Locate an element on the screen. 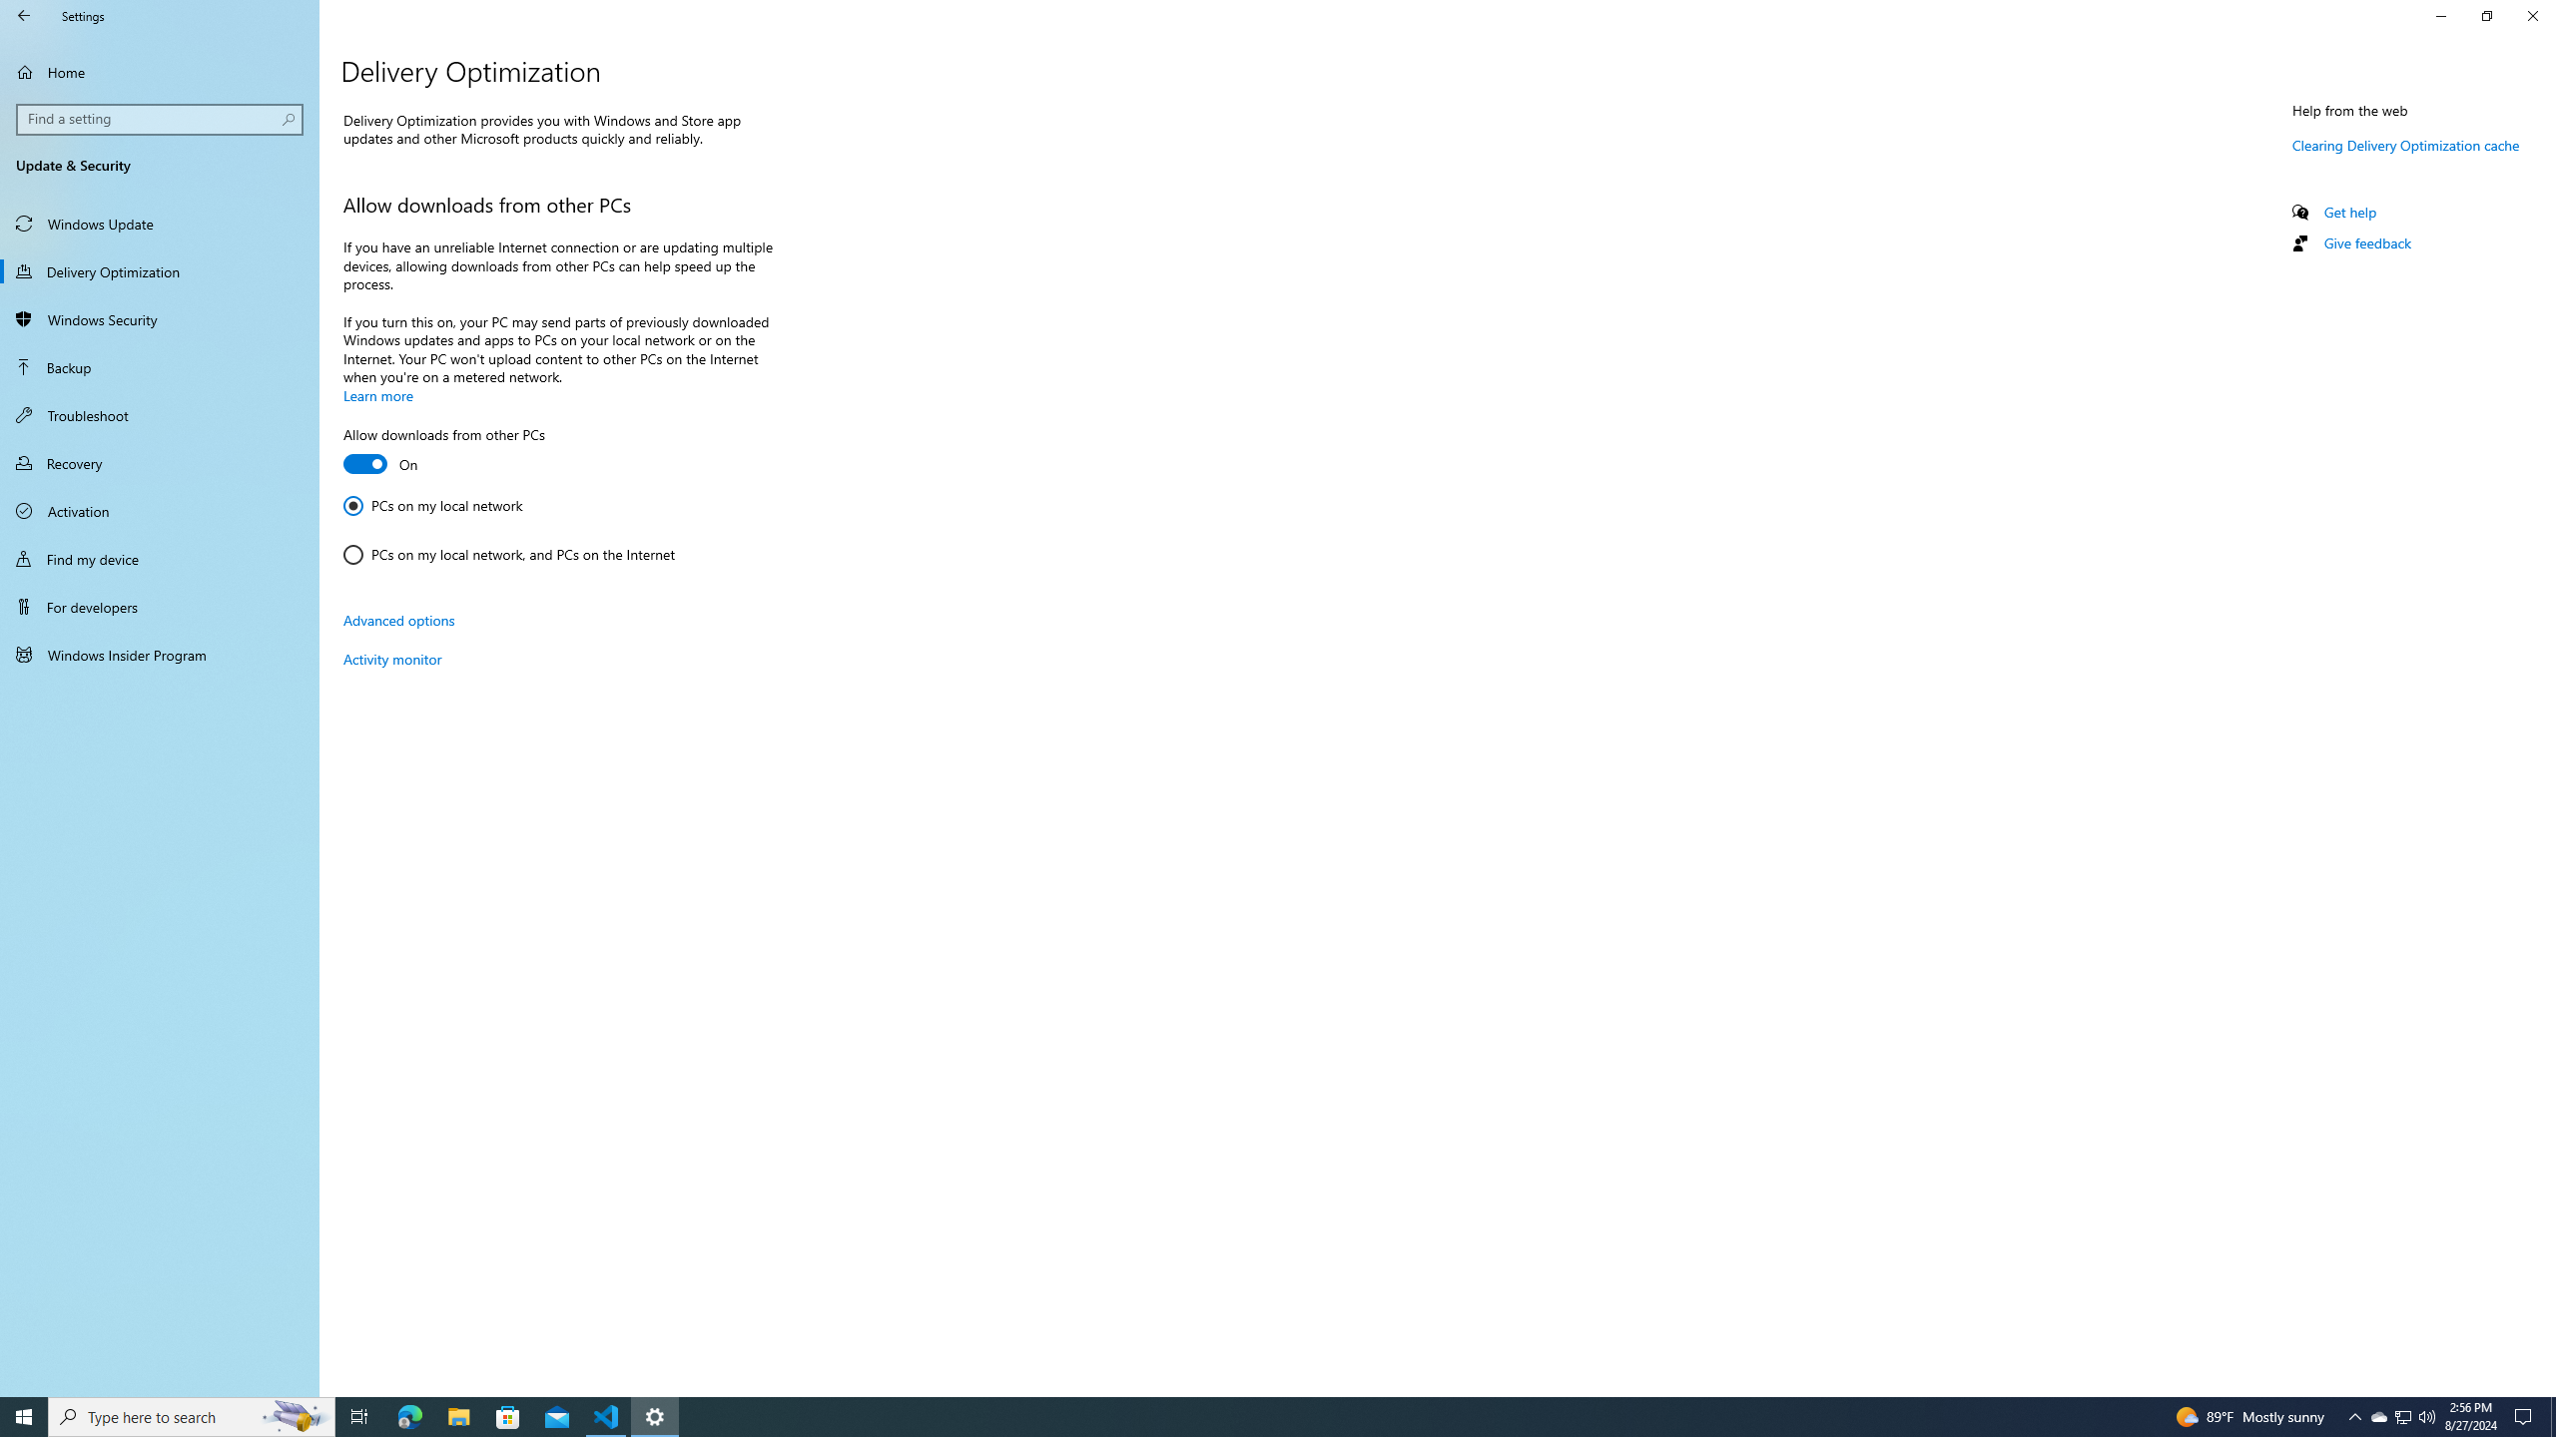 The height and width of the screenshot is (1437, 2556). 'Start' is located at coordinates (24, 1415).